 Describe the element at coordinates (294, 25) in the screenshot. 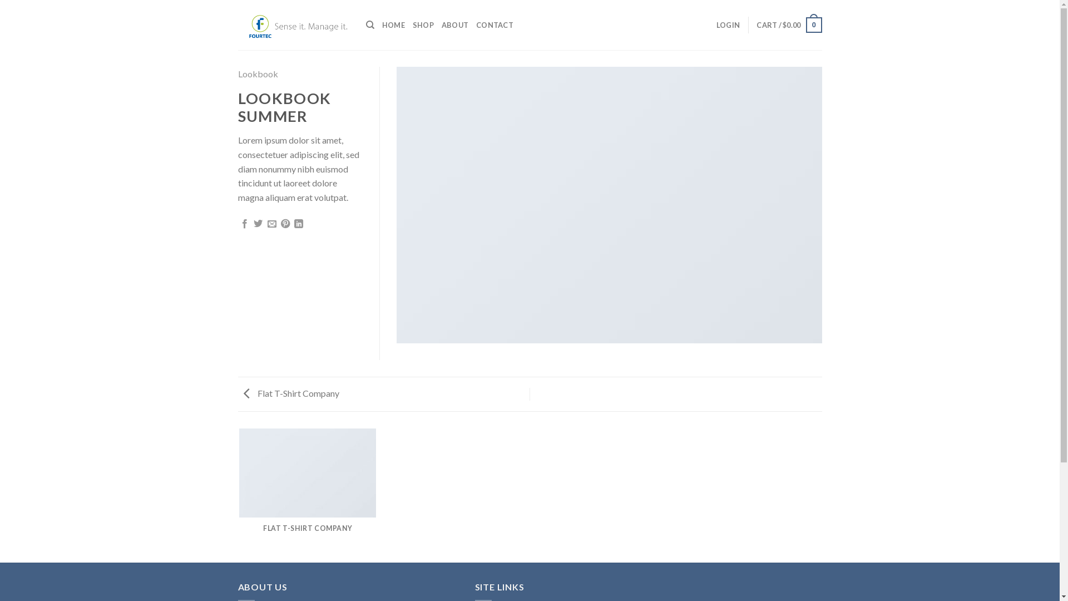

I see `'Fourtec Australia'` at that location.